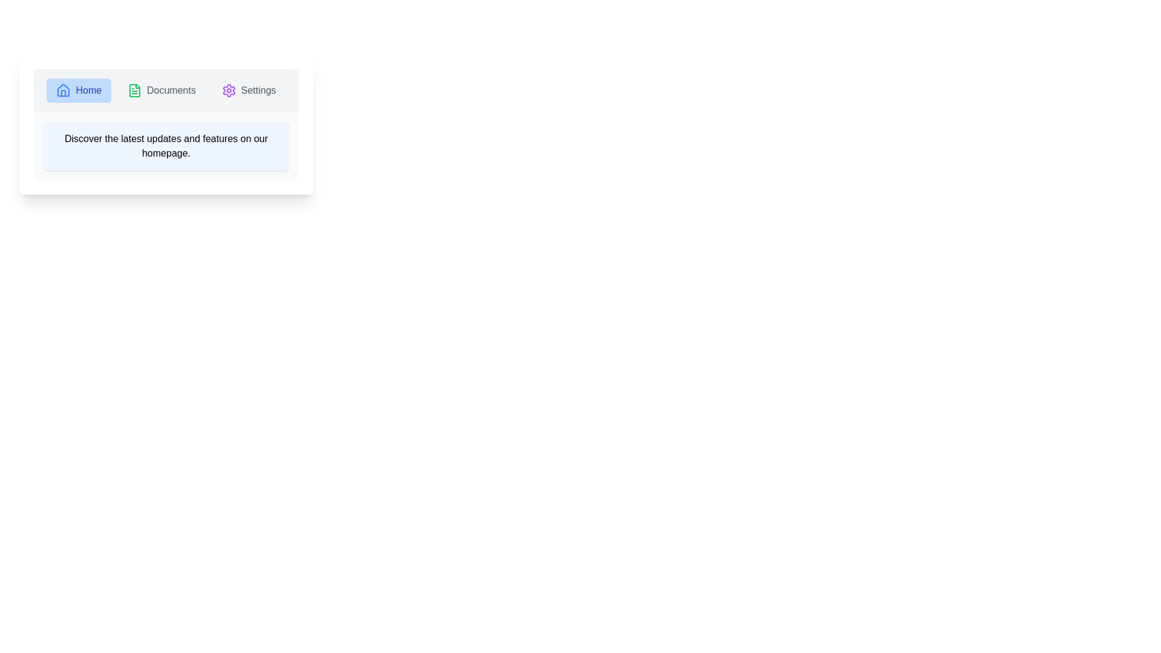  What do you see at coordinates (78, 90) in the screenshot?
I see `the tab labeled Home to observe its hover effect` at bounding box center [78, 90].